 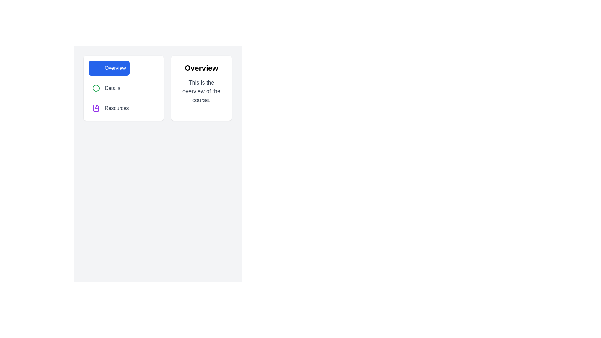 I want to click on the text label located as the second item in the vertical list beneath the 'Overview' section and above the 'Resources' section, so click(x=112, y=88).